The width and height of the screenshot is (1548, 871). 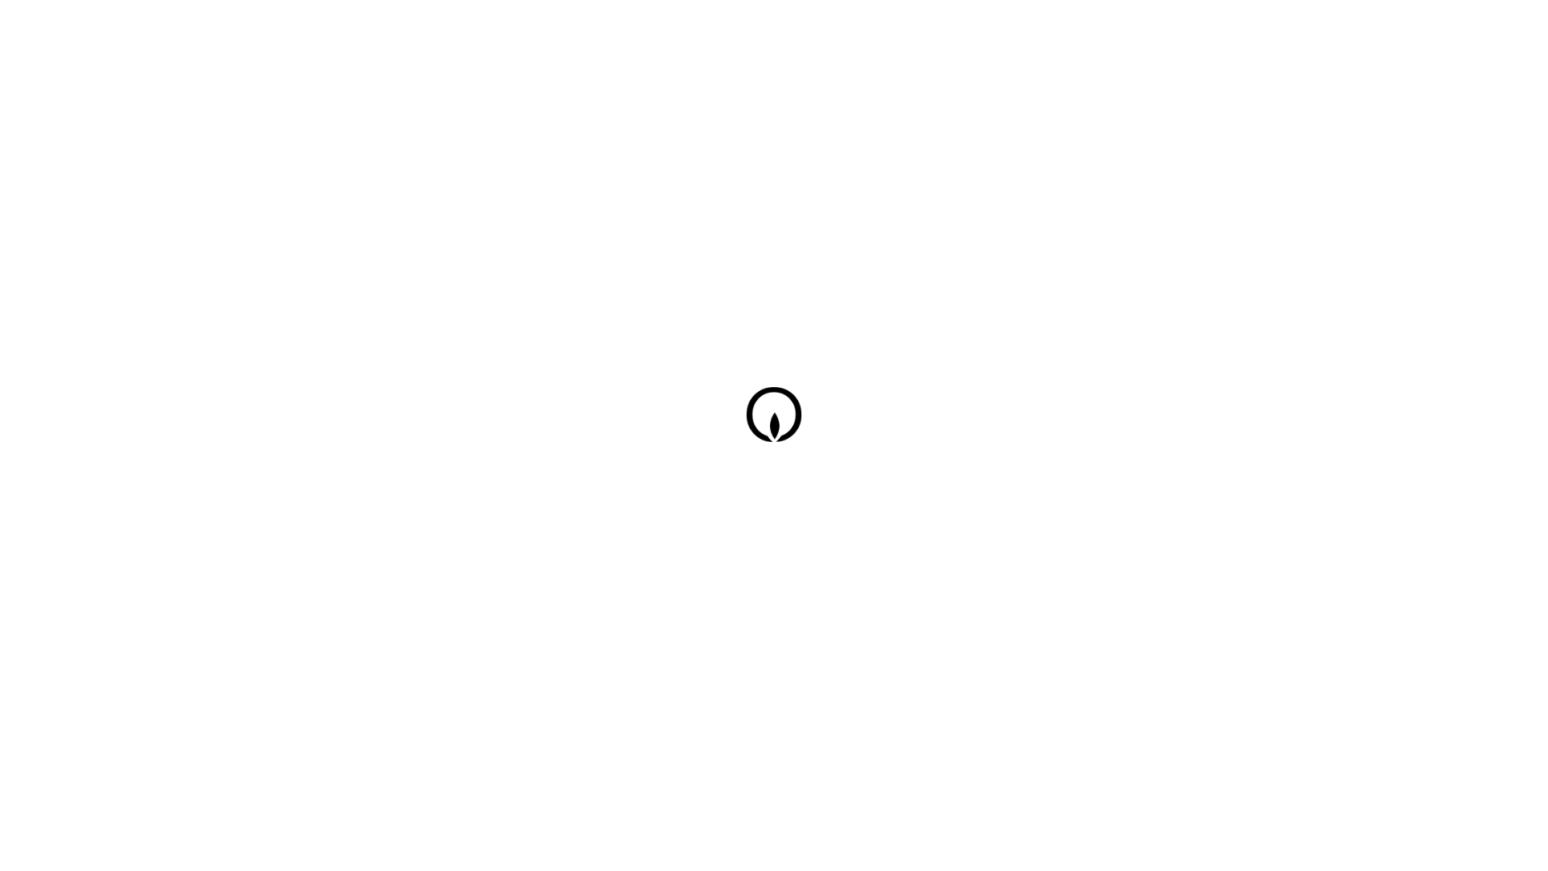 I want to click on 'eroma logo', so click(x=777, y=426).